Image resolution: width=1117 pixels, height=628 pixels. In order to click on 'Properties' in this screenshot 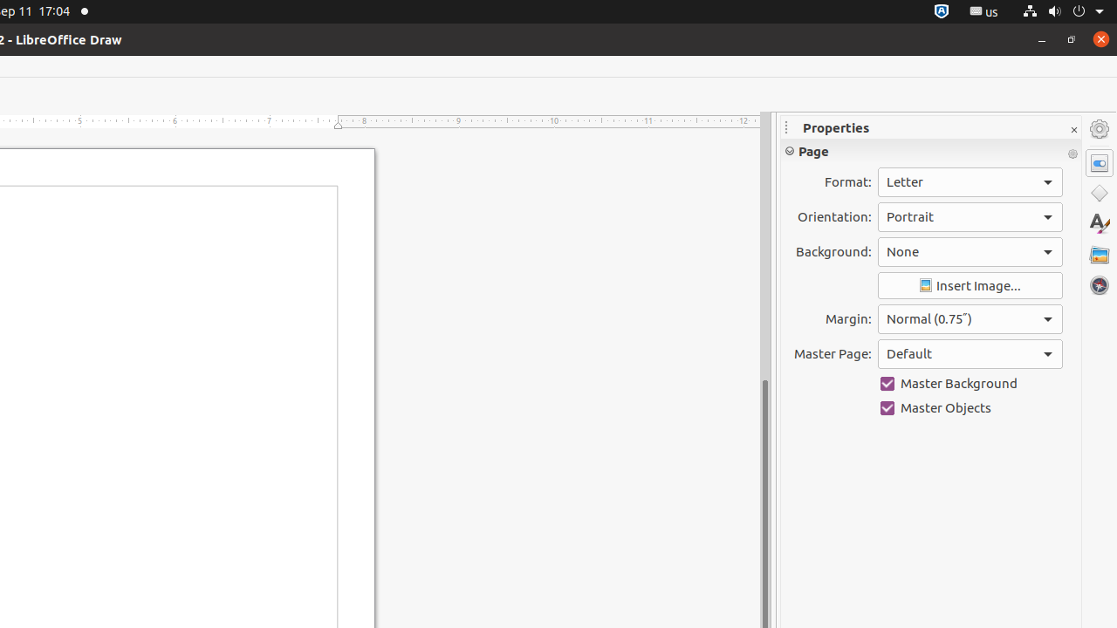, I will do `click(930, 126)`.